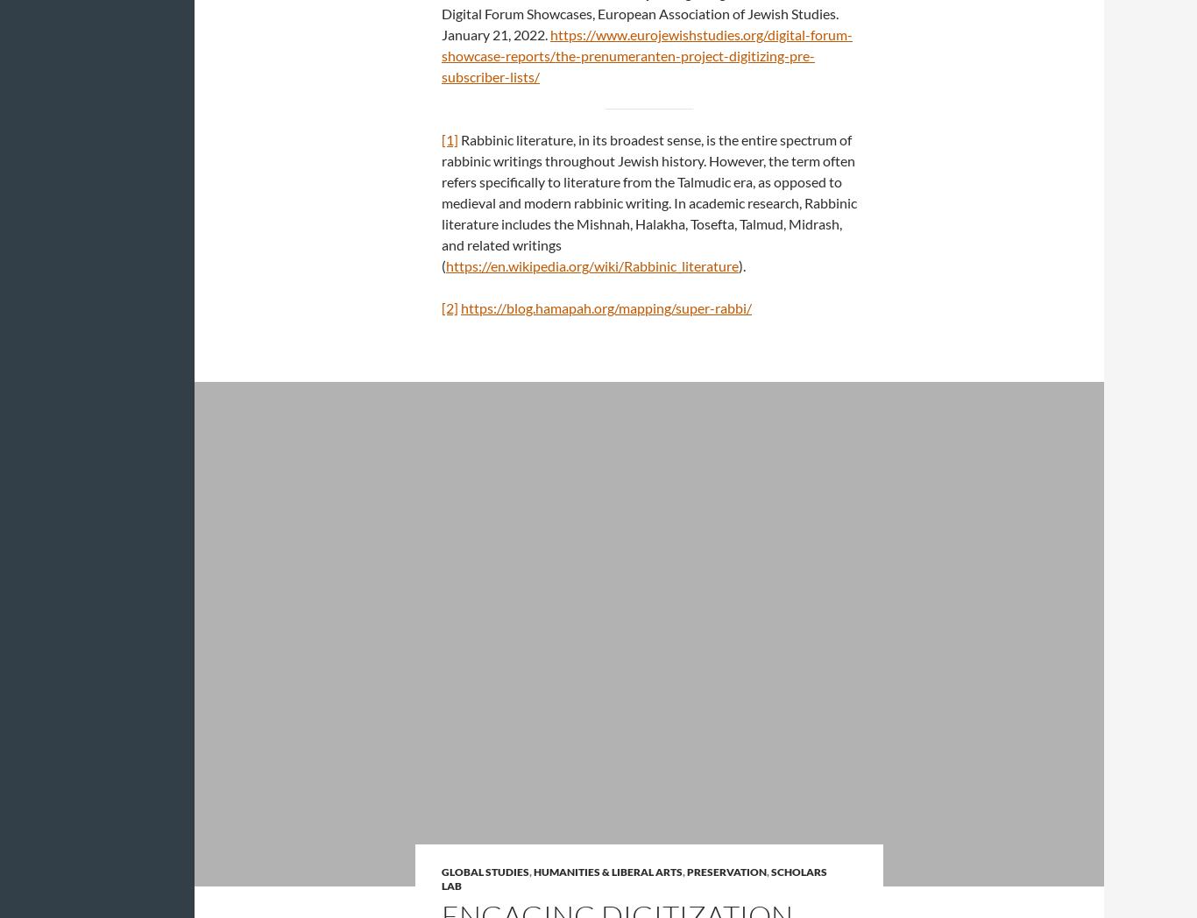 The image size is (1197, 918). Describe the element at coordinates (649, 202) in the screenshot. I see `'Rabbinic literature, in its broadest sense, is the entire spectrum of rabbinic writings throughout Jewish history. However, the term often refers specifically to literature from the Talmudic era, as opposed to medieval and modern rabbinic writing. In academic research, Rabbinic literature includes the Mishnah, Halakha, Tosefta, Talmud, Midrash, and related writings ('` at that location.